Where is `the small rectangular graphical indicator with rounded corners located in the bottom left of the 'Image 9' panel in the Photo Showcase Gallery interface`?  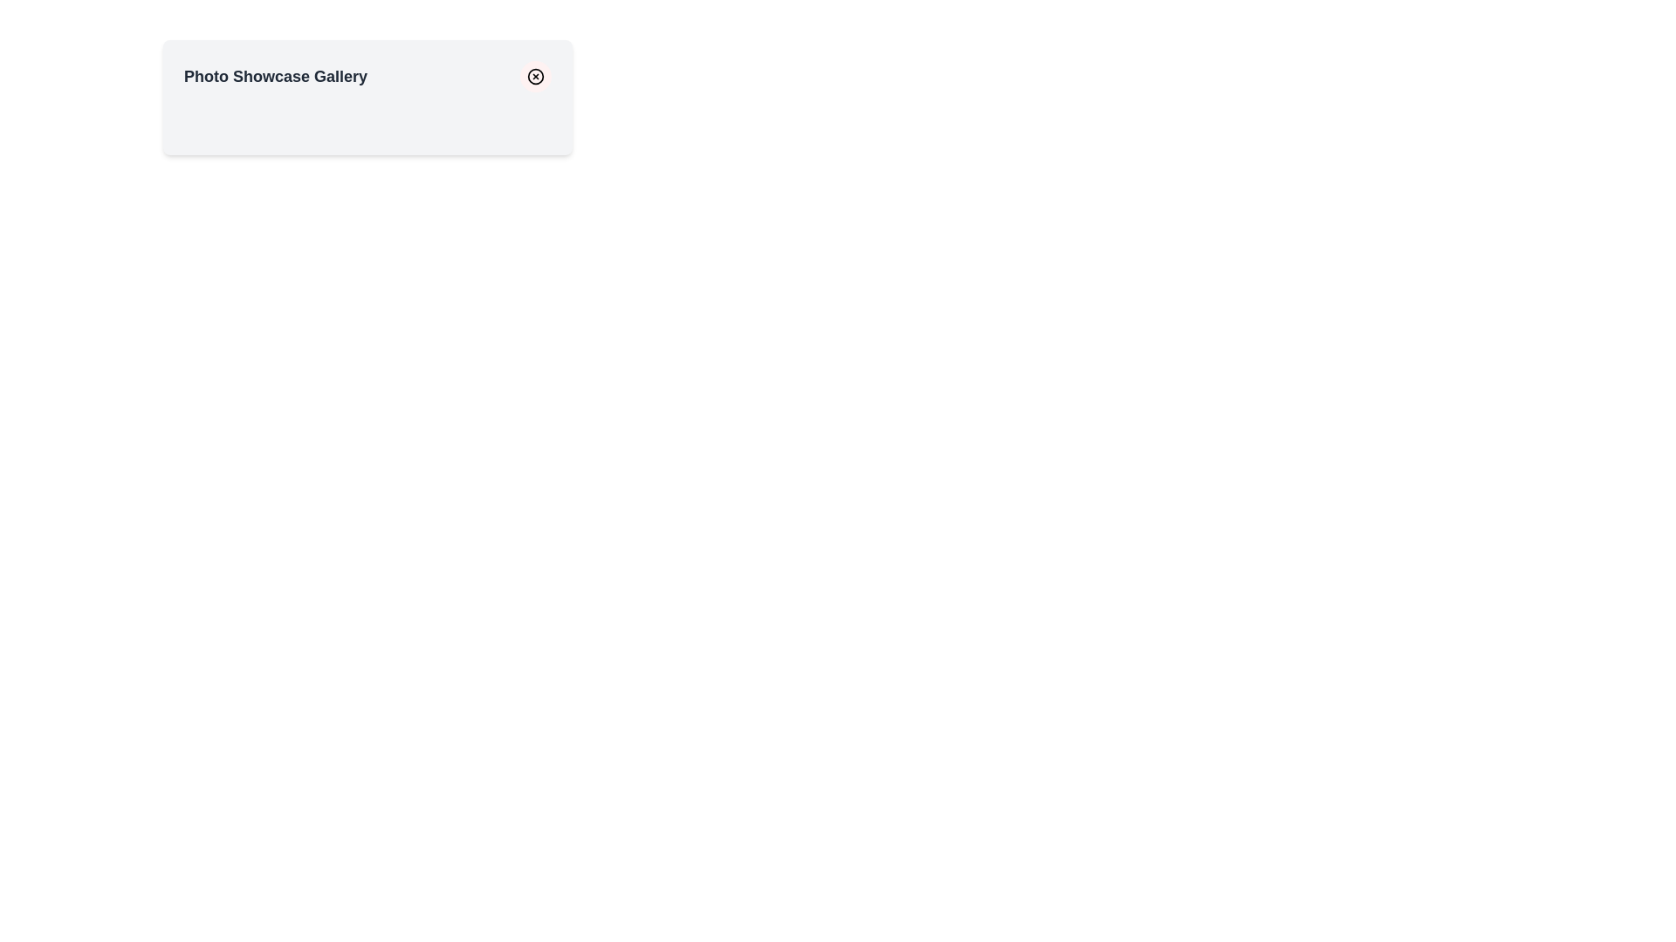 the small rectangular graphical indicator with rounded corners located in the bottom left of the 'Image 9' panel in the Photo Showcase Gallery interface is located at coordinates (449, 143).